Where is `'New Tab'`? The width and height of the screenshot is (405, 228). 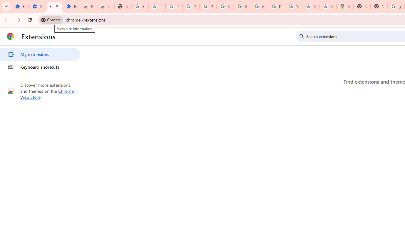
'New Tab' is located at coordinates (379, 6).